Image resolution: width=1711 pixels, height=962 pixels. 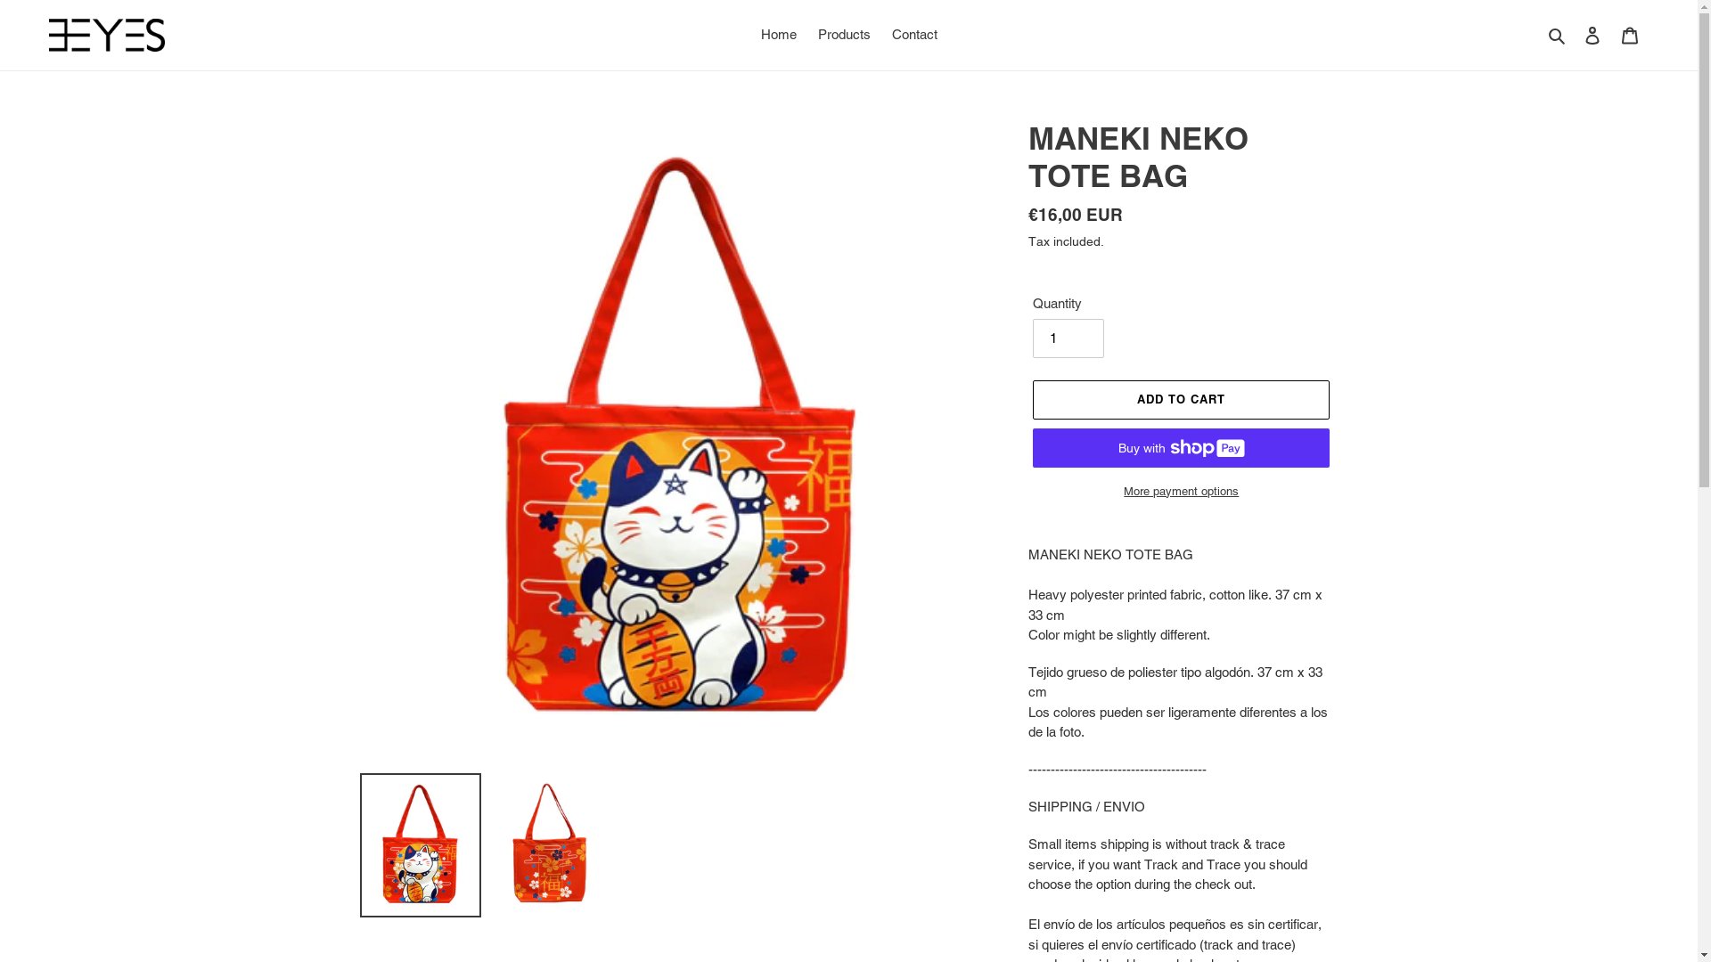 What do you see at coordinates (843, 35) in the screenshot?
I see `'Products'` at bounding box center [843, 35].